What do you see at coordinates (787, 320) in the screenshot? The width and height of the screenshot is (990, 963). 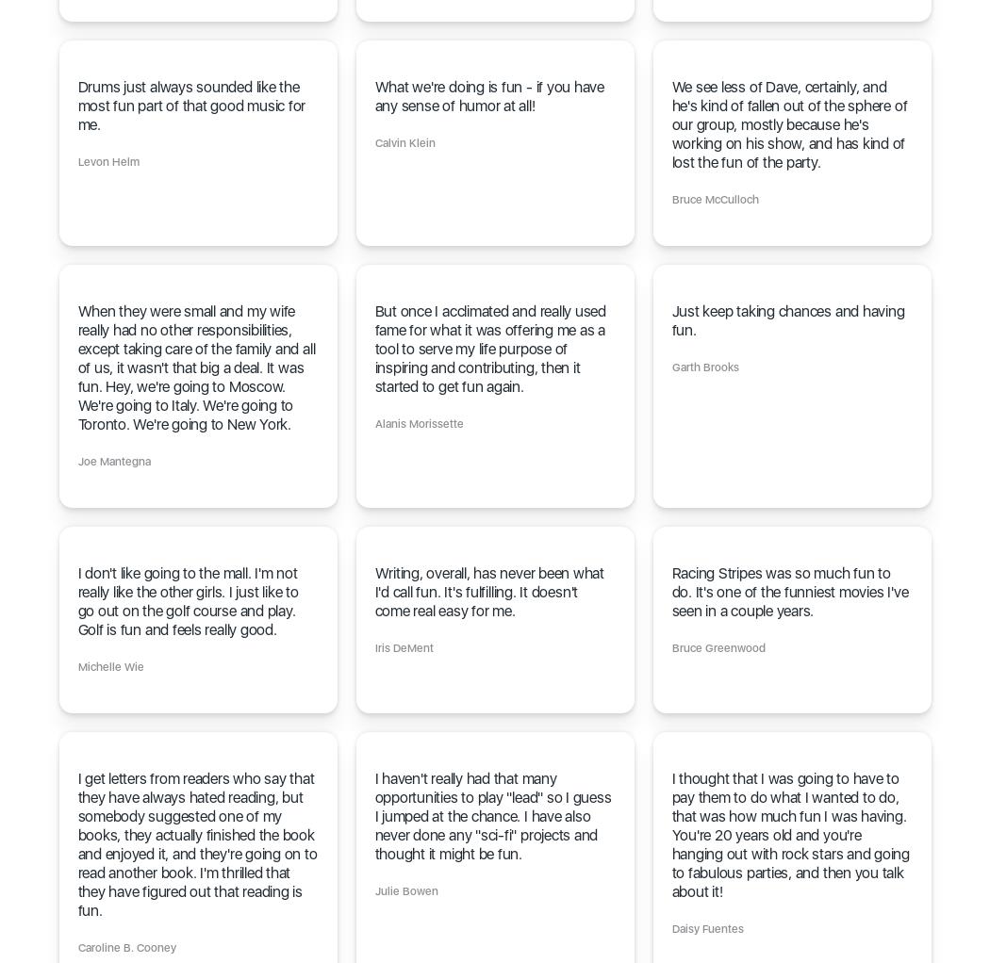 I see `'Just keep taking chances and having fun.'` at bounding box center [787, 320].